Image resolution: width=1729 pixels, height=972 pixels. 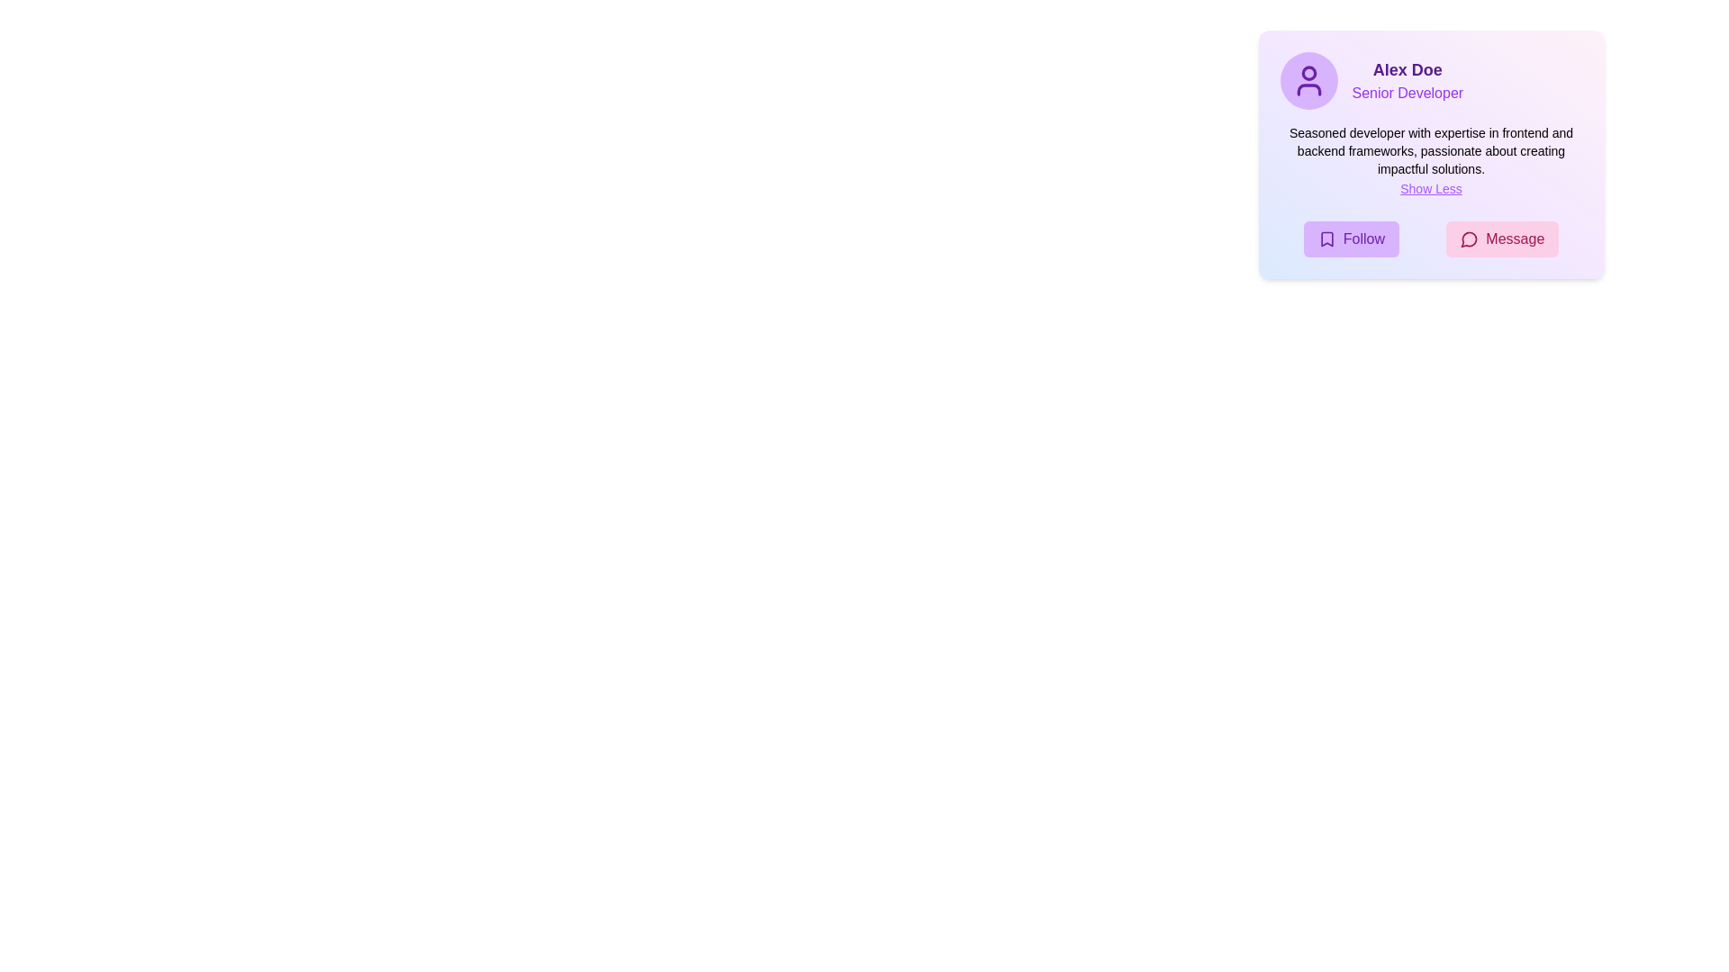 What do you see at coordinates (1308, 72) in the screenshot?
I see `the circular purple graphic element representing the head in the user profile icon located at the top-left of the user card` at bounding box center [1308, 72].